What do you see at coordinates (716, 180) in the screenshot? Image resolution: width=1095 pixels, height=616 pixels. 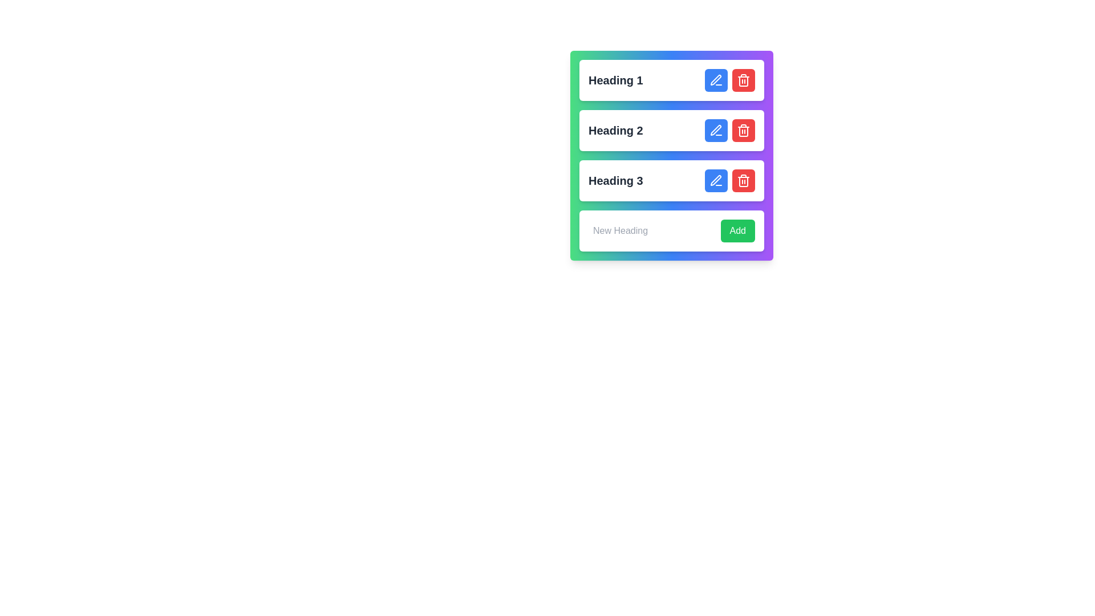 I see `the blue button with rounded corners and a pen icon located in the top-right corner of the third row to observe the color change effect` at bounding box center [716, 180].